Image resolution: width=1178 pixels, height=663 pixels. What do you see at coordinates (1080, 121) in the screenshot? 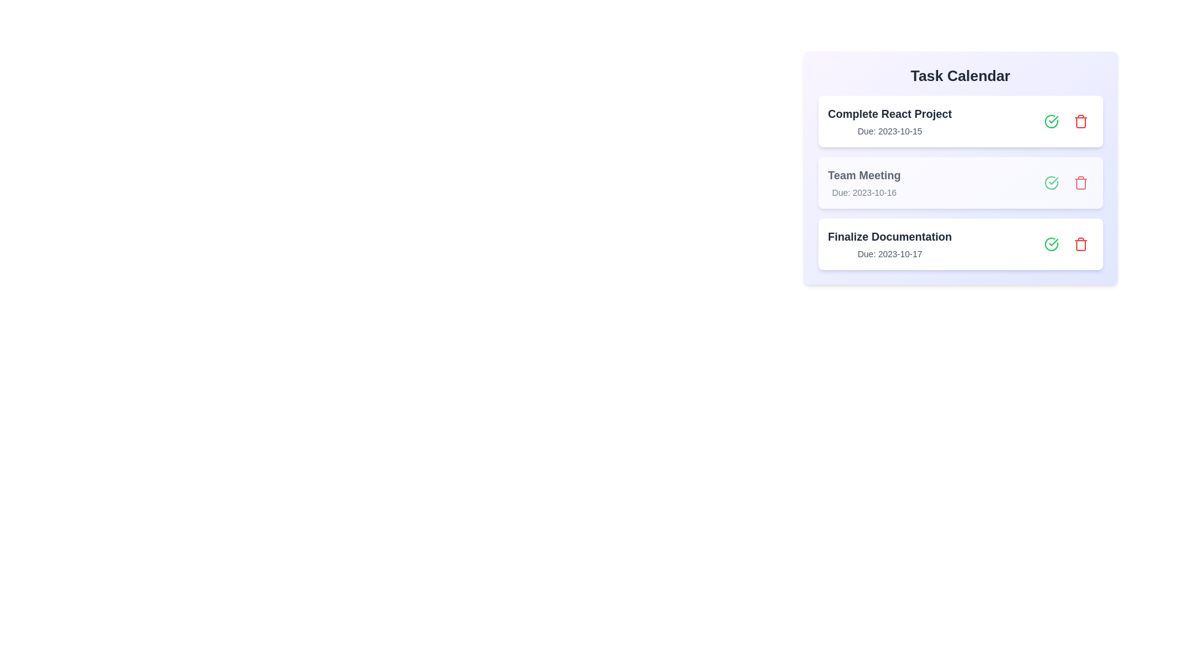
I see `delete button for the task with the name Complete React Project` at bounding box center [1080, 121].